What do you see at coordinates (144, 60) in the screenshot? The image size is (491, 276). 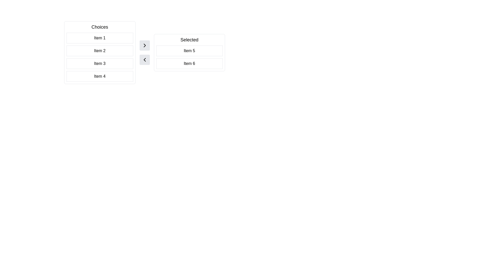 I see `the left-facing chevron icon within the navigation button` at bounding box center [144, 60].